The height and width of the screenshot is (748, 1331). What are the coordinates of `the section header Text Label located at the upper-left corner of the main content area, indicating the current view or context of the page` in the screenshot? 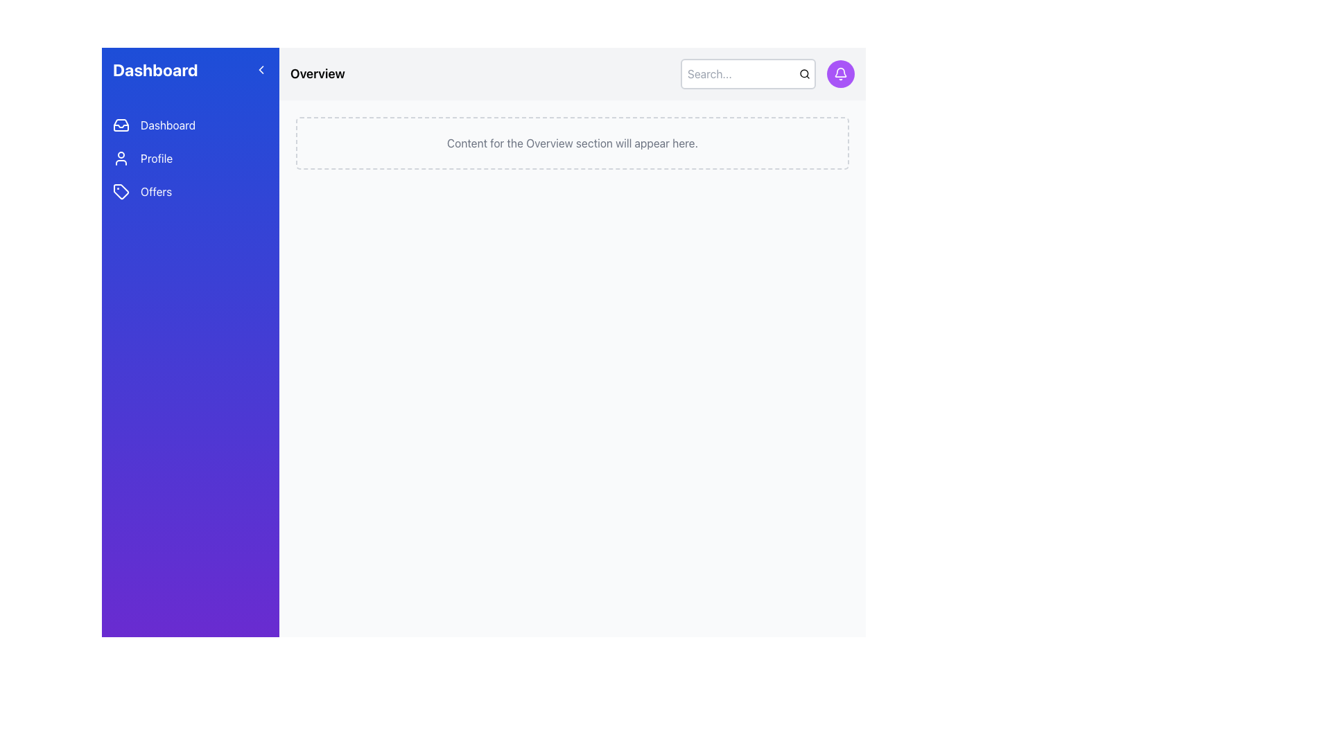 It's located at (317, 74).